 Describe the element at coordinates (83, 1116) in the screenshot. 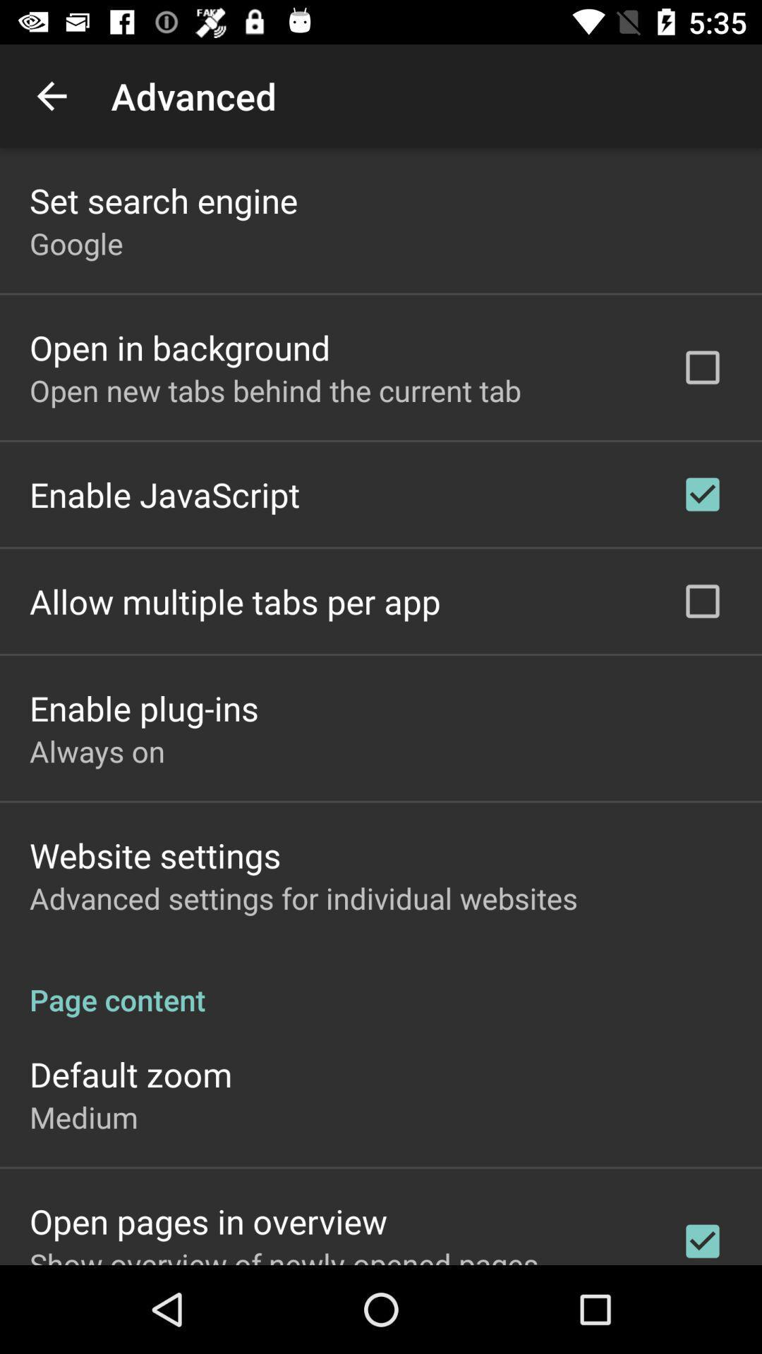

I see `the icon above the open pages in icon` at that location.